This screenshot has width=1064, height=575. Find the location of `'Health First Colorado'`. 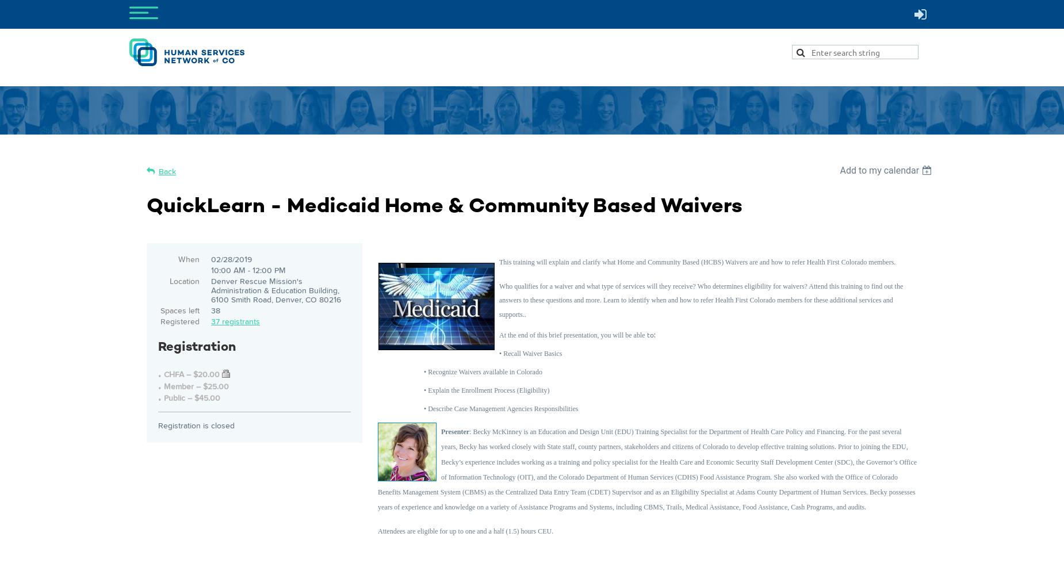

'Health First Colorado' is located at coordinates (837, 261).